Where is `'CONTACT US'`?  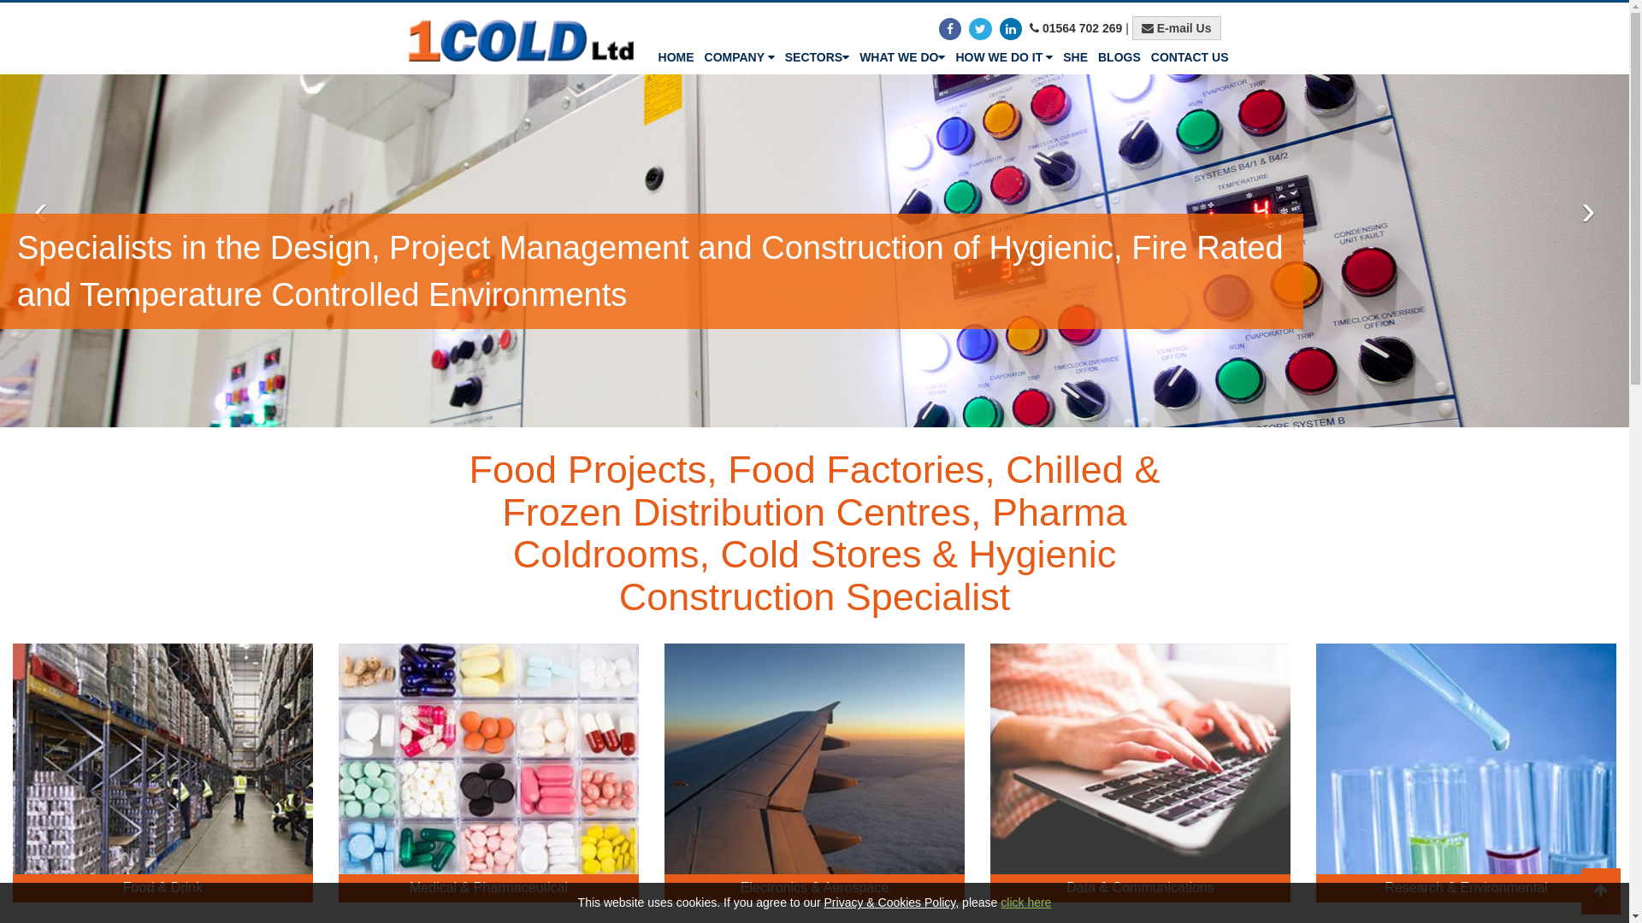
'CONTACT US' is located at coordinates (1189, 56).